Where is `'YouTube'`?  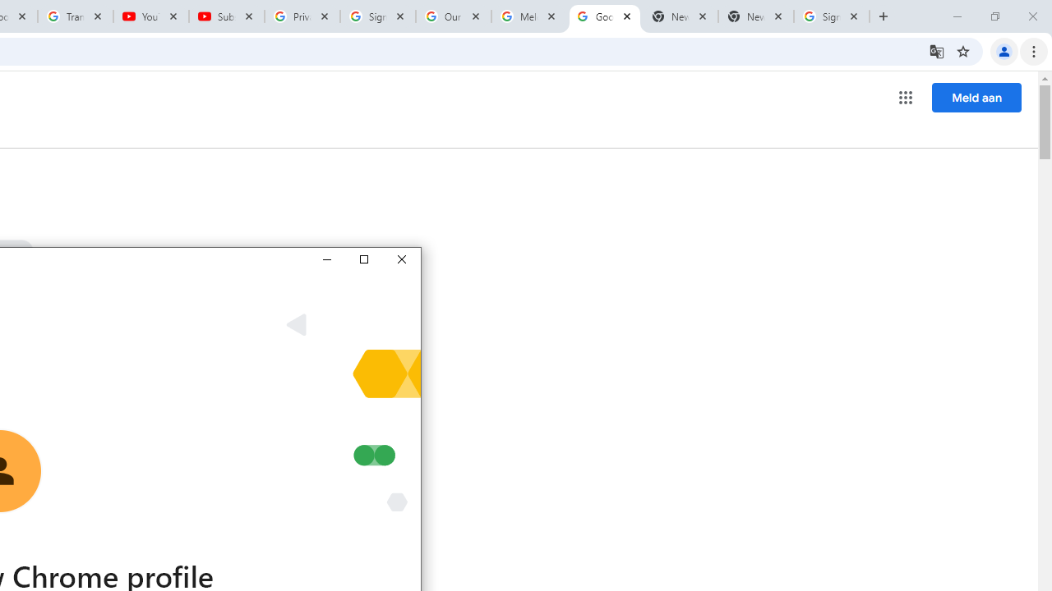
'YouTube' is located at coordinates (151, 16).